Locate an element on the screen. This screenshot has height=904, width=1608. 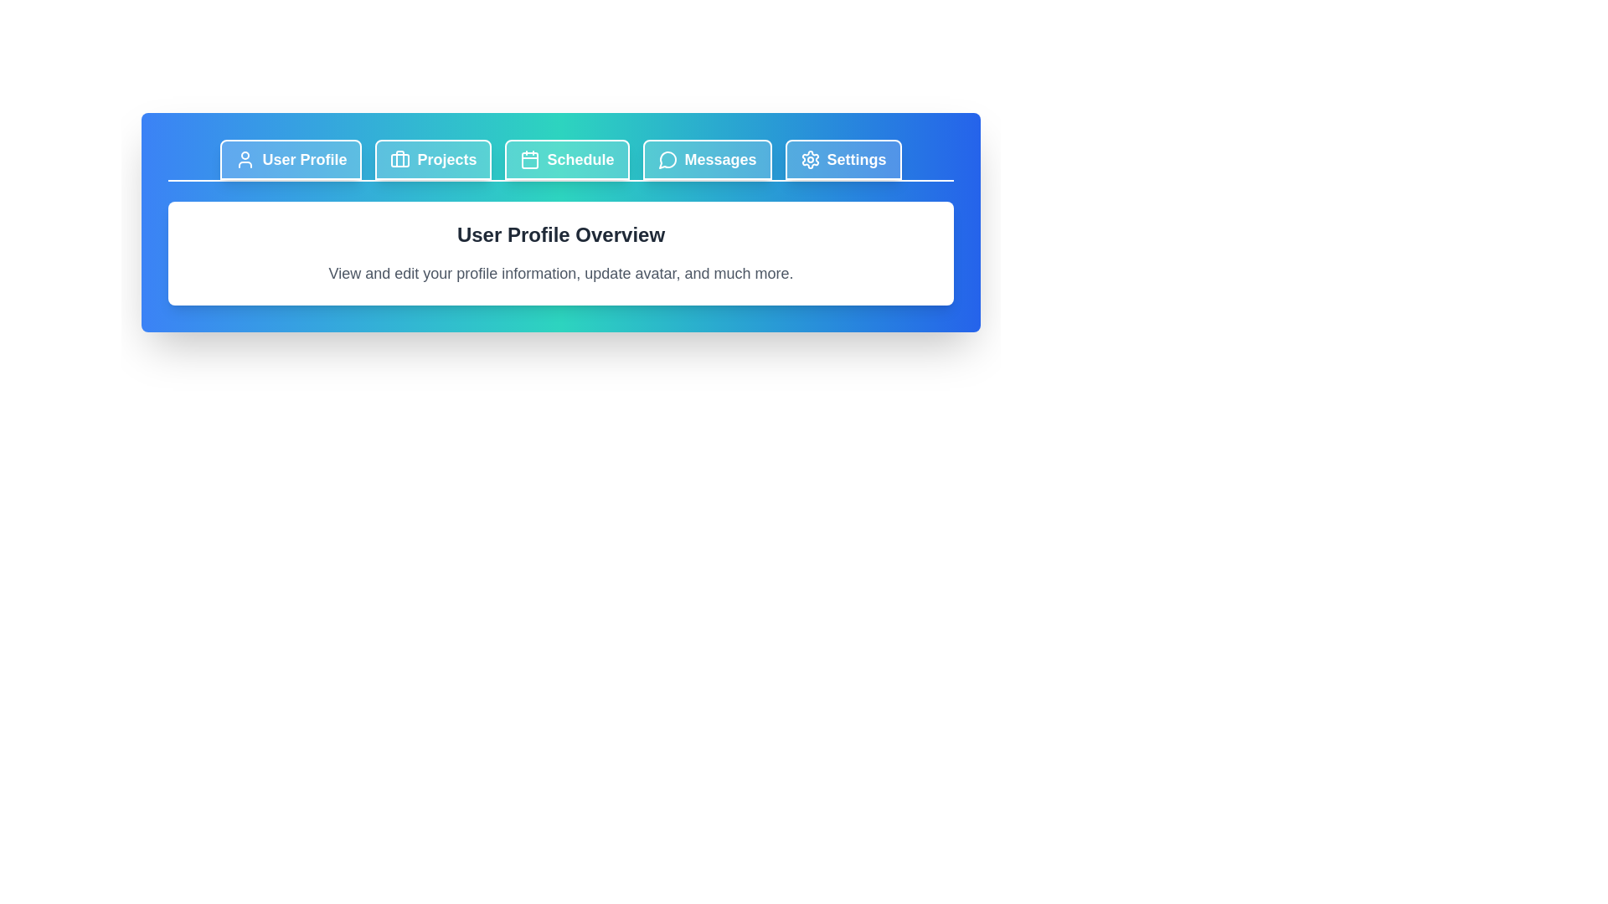
the 'Messages' tab with a blue background and a speech bubble icon to observe any hover effects is located at coordinates (707, 160).